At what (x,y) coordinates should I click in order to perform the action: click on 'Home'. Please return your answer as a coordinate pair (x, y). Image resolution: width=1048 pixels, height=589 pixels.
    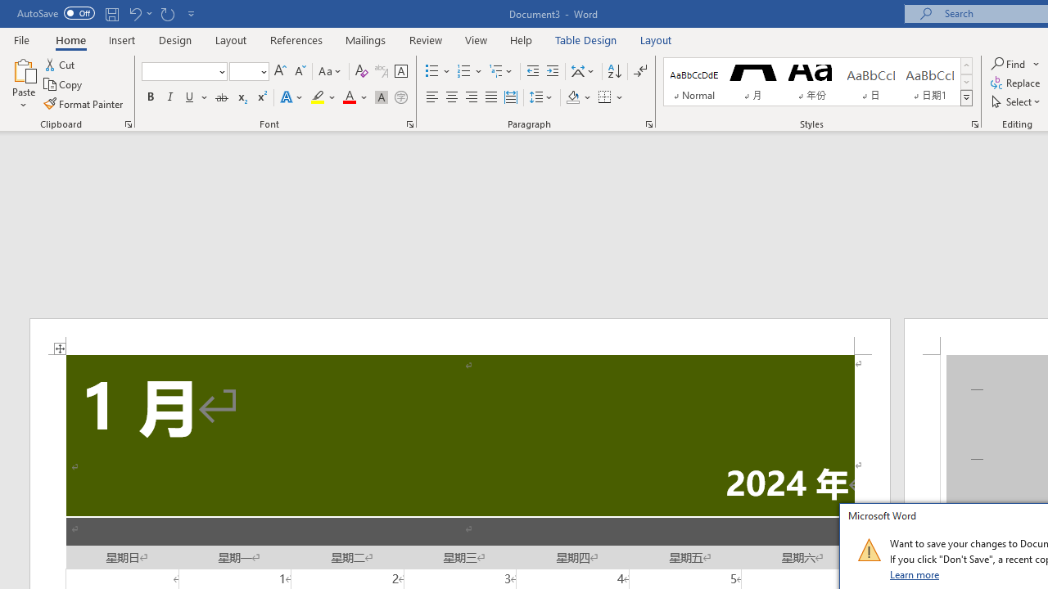
    Looking at the image, I should click on (70, 39).